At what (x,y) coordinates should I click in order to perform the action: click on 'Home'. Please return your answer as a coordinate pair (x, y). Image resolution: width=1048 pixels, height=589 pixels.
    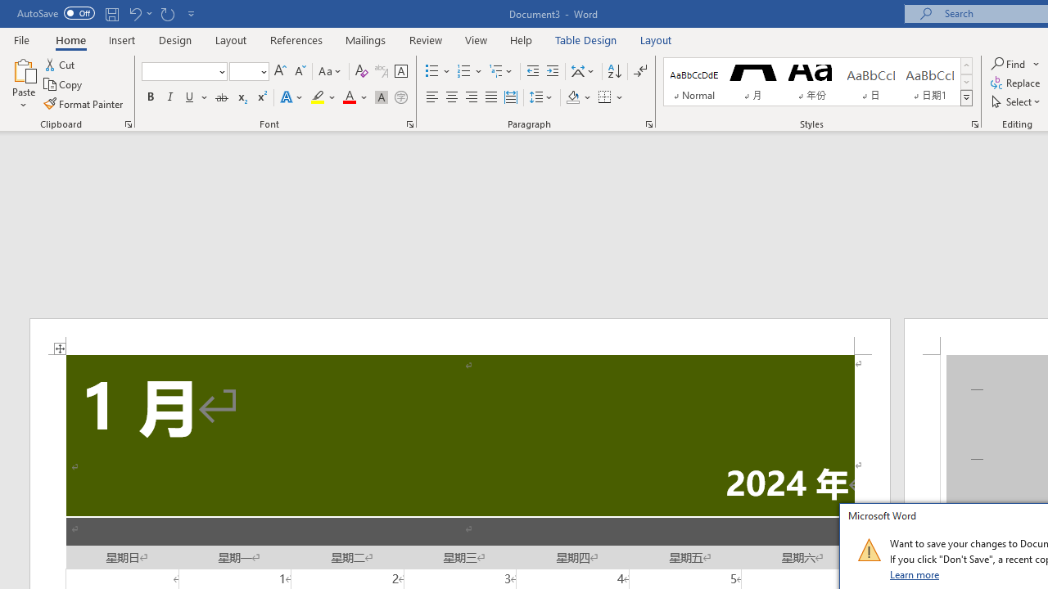
    Looking at the image, I should click on (70, 39).